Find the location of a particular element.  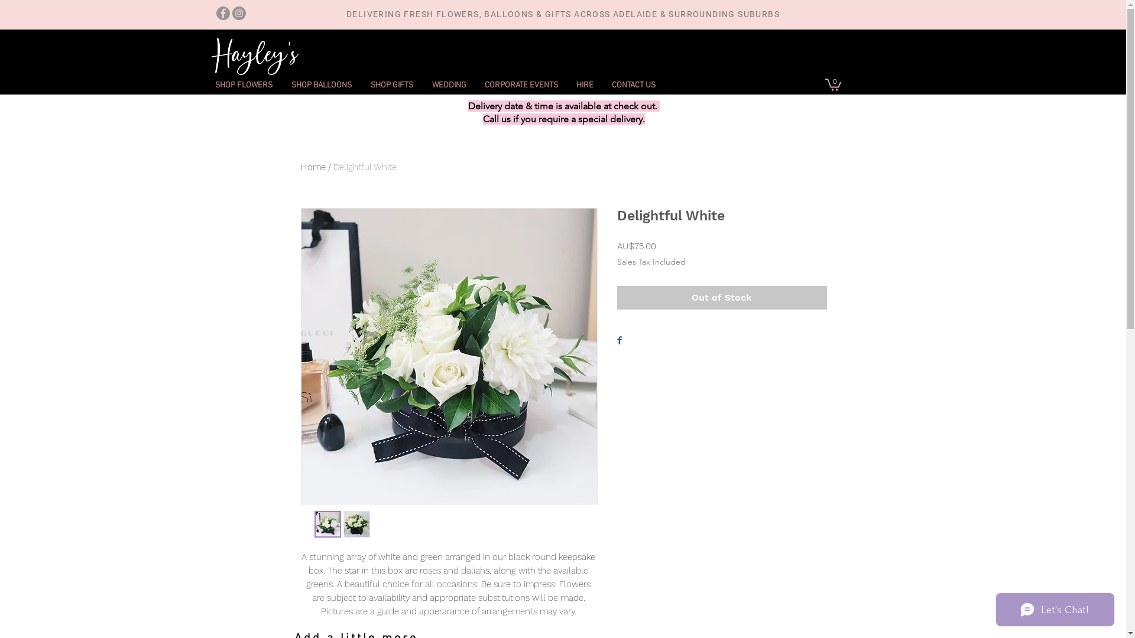

'WEDDING' is located at coordinates (422, 84).